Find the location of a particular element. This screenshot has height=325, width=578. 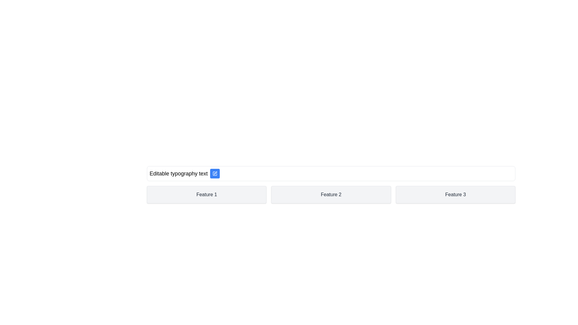

the button that initiates the edit action, located to the right of the 'Editable typography text' label, to observe a color change is located at coordinates (215, 174).